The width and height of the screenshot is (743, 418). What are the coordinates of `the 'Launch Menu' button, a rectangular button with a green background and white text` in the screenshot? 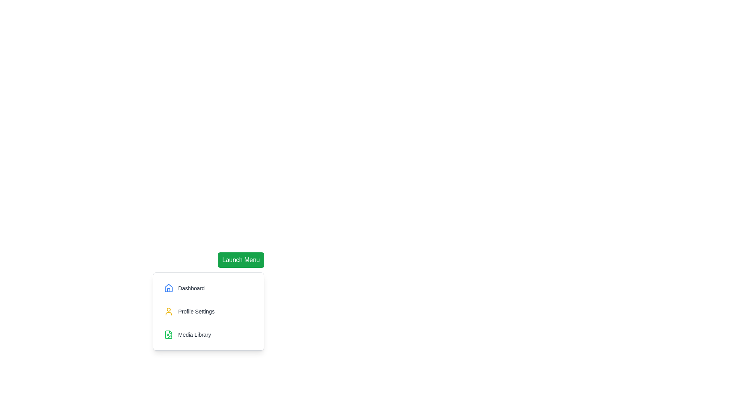 It's located at (241, 260).